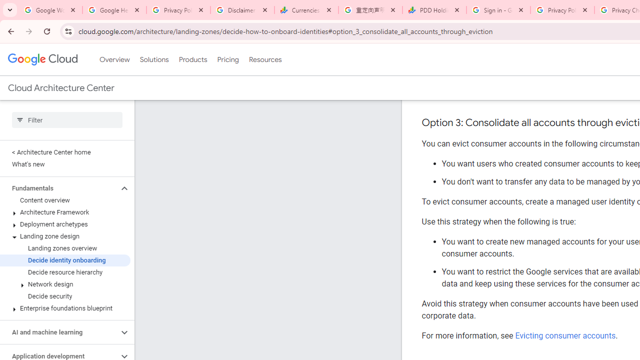 The width and height of the screenshot is (640, 360). What do you see at coordinates (66, 119) in the screenshot?
I see `'Type to filter'` at bounding box center [66, 119].